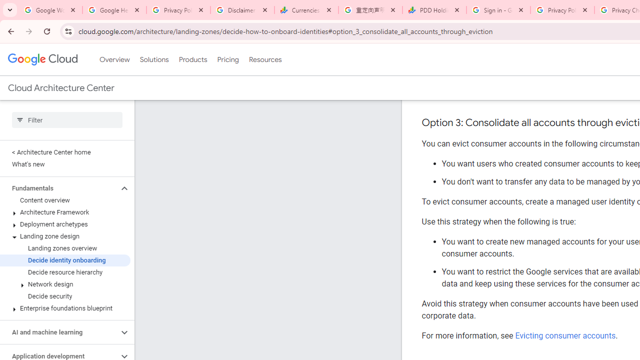 The width and height of the screenshot is (640, 360). What do you see at coordinates (66, 119) in the screenshot?
I see `'Type to filter'` at bounding box center [66, 119].